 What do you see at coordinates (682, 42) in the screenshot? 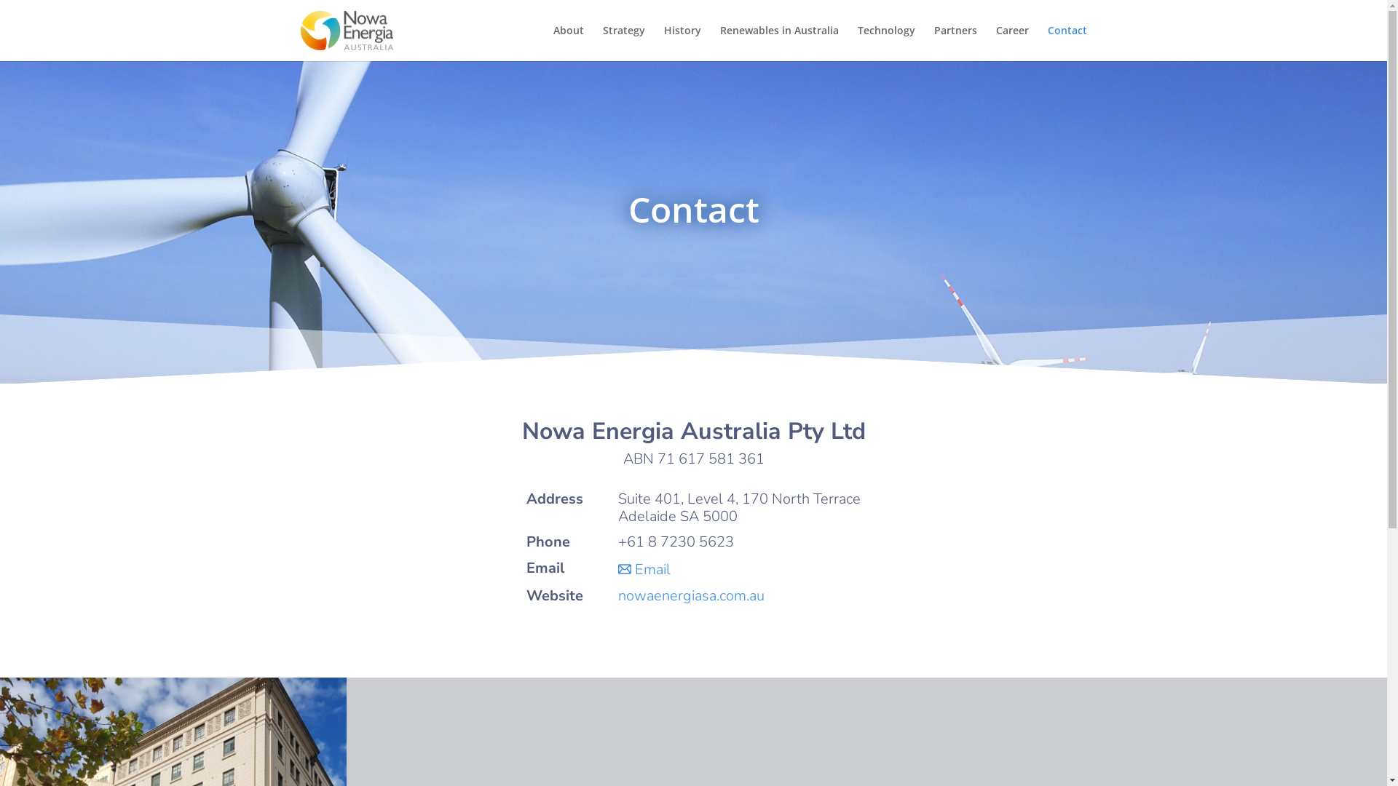
I see `'History'` at bounding box center [682, 42].